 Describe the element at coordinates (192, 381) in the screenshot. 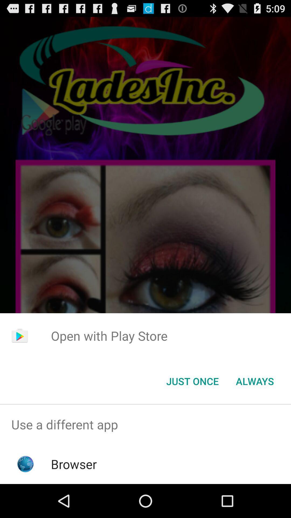

I see `the just once item` at that location.